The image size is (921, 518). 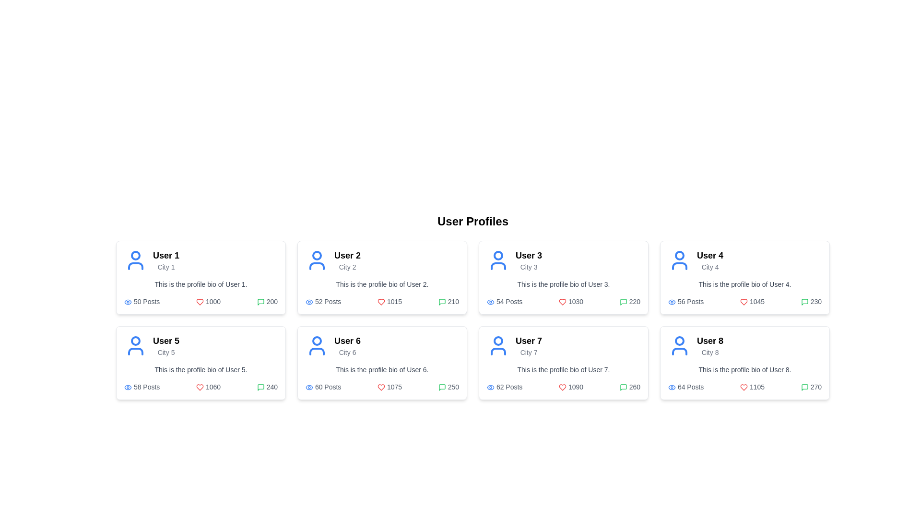 What do you see at coordinates (128, 301) in the screenshot?
I see `the visibility icon in the '50 Posts' section of User 1's profile card, located to the left of the heart icon and above the post count` at bounding box center [128, 301].